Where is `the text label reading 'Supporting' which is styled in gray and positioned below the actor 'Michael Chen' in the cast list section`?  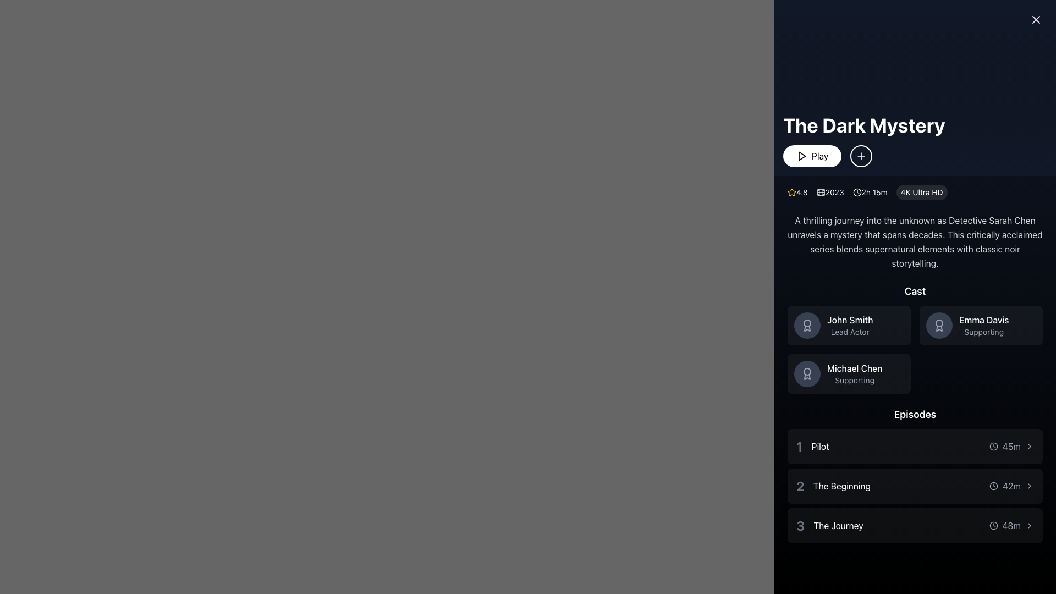
the text label reading 'Supporting' which is styled in gray and positioned below the actor 'Michael Chen' in the cast list section is located at coordinates (854, 380).